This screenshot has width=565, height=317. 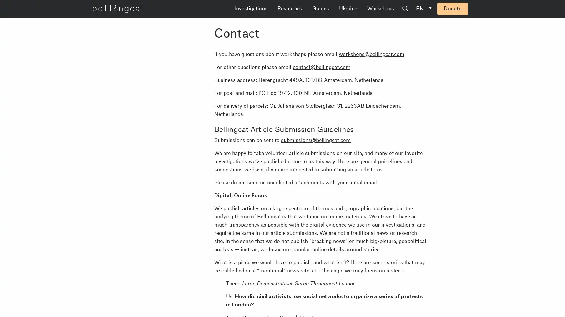 What do you see at coordinates (450, 9) in the screenshot?
I see `Search` at bounding box center [450, 9].